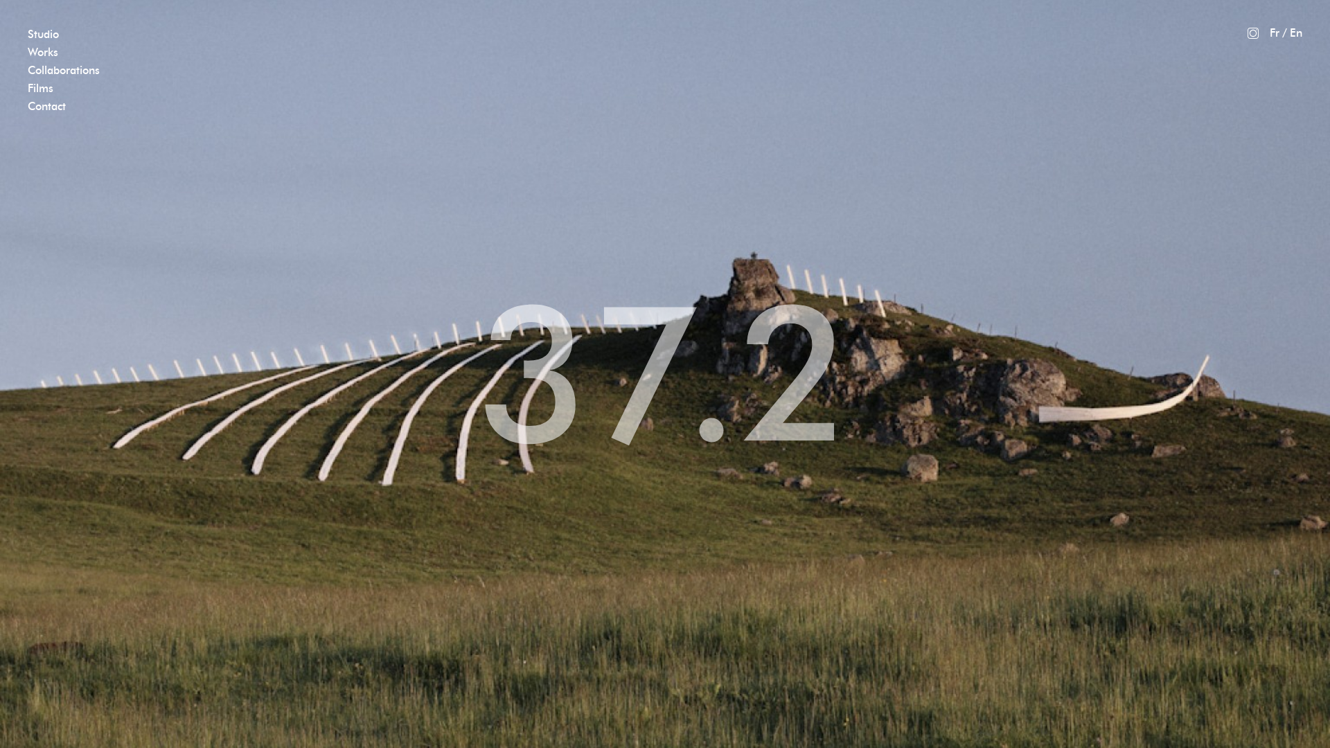 This screenshot has width=1330, height=748. I want to click on 'Studio', so click(43, 34).